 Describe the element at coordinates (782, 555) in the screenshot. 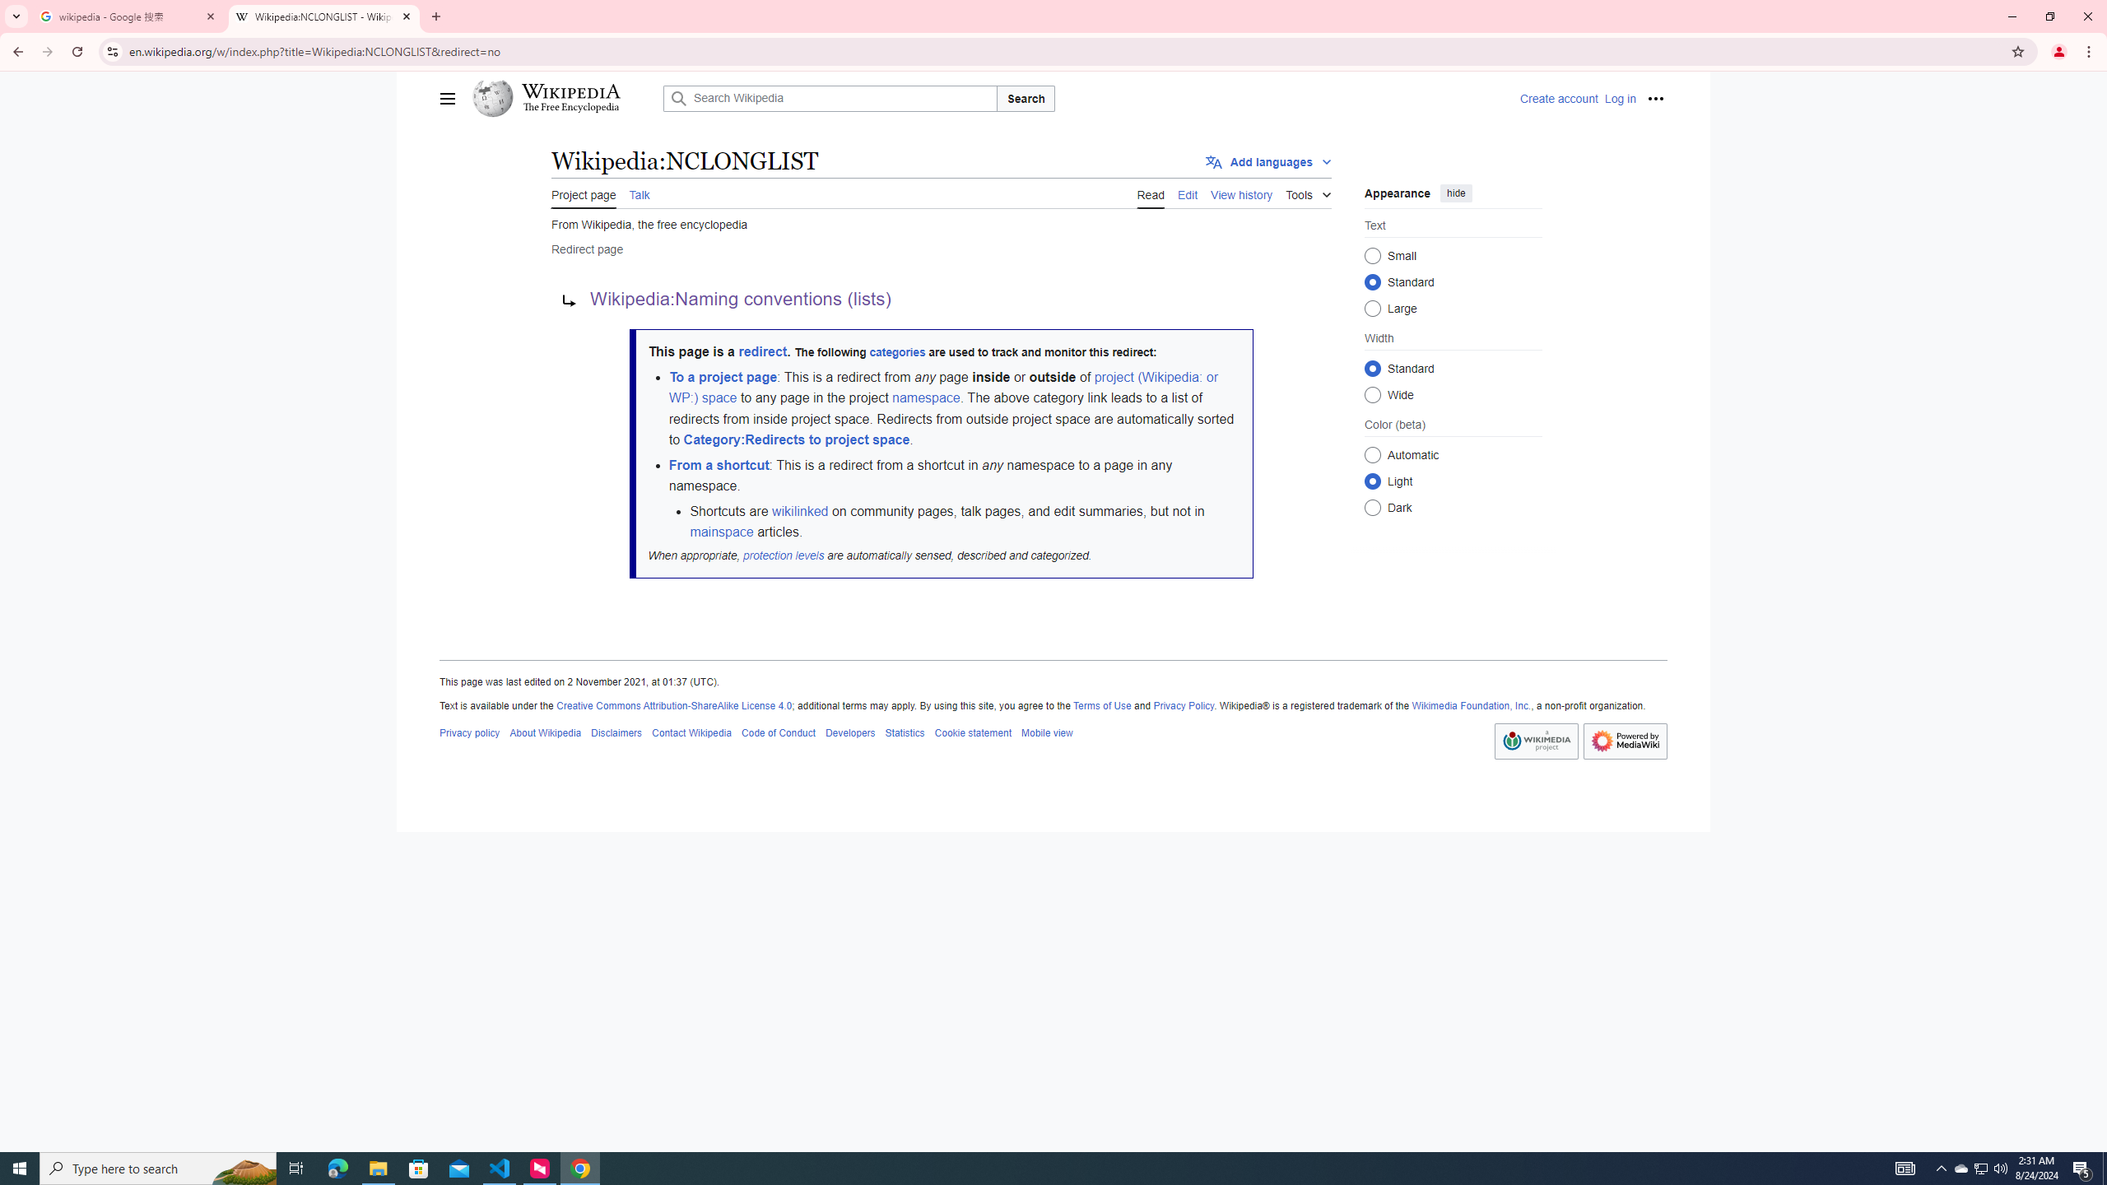

I see `'protection levels'` at that location.